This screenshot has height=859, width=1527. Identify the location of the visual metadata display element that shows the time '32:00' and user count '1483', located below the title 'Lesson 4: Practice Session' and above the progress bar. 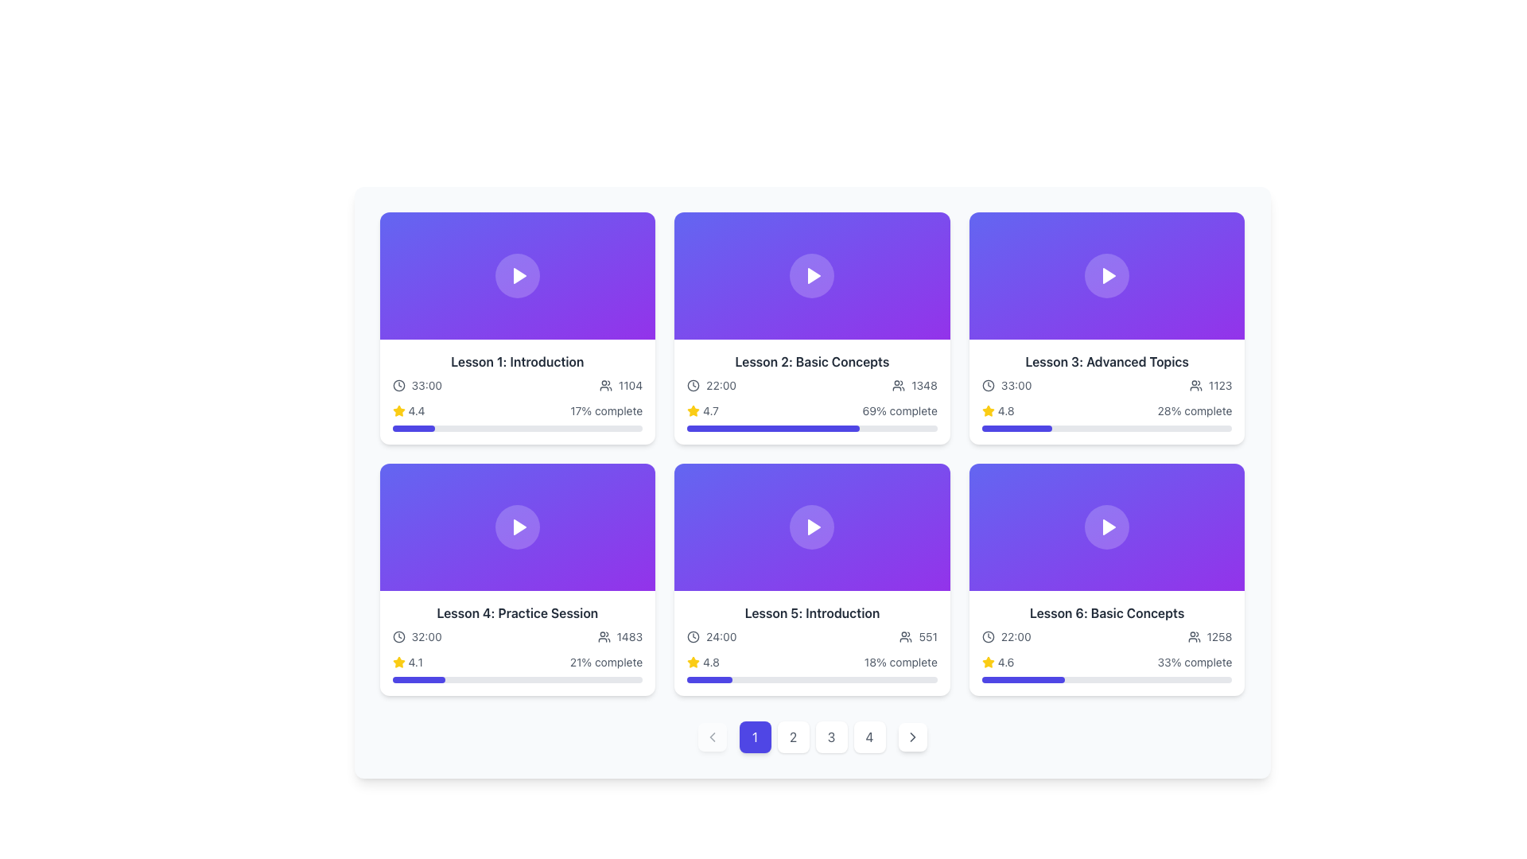
(517, 636).